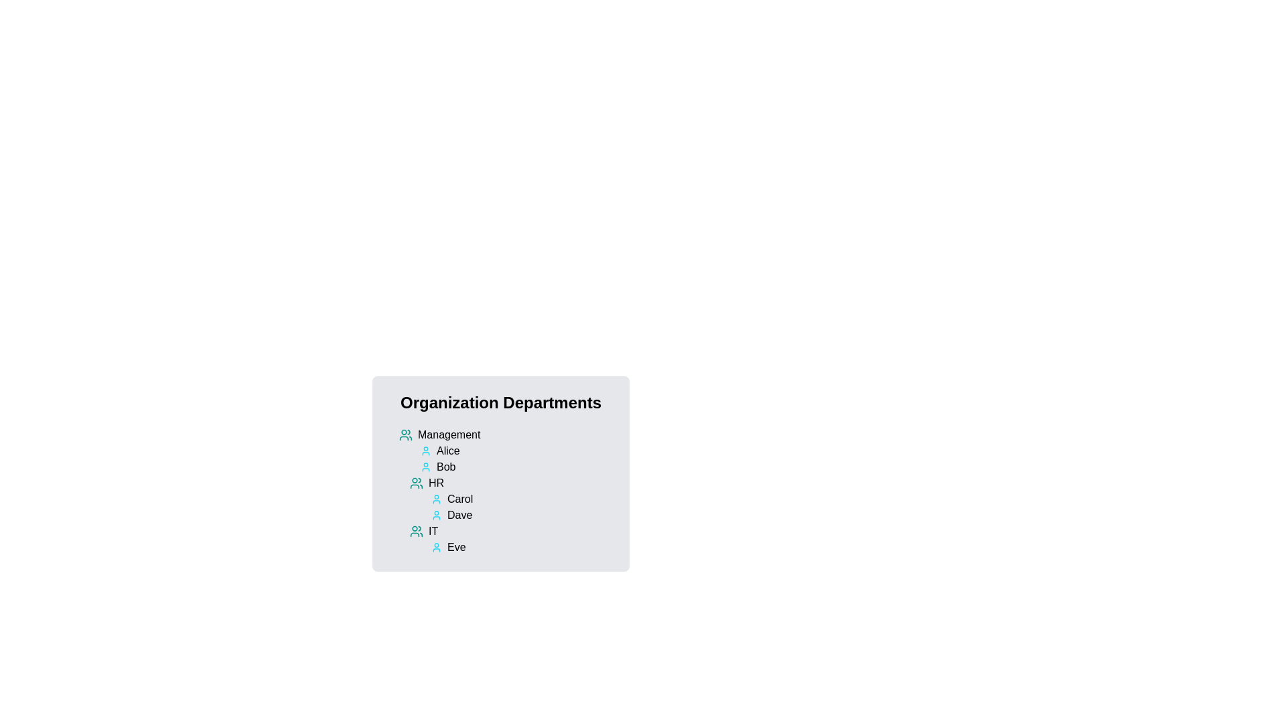  Describe the element at coordinates (405, 435) in the screenshot. I see `the 'Management' group icon located to the left of the text 'Management' in the department list` at that location.